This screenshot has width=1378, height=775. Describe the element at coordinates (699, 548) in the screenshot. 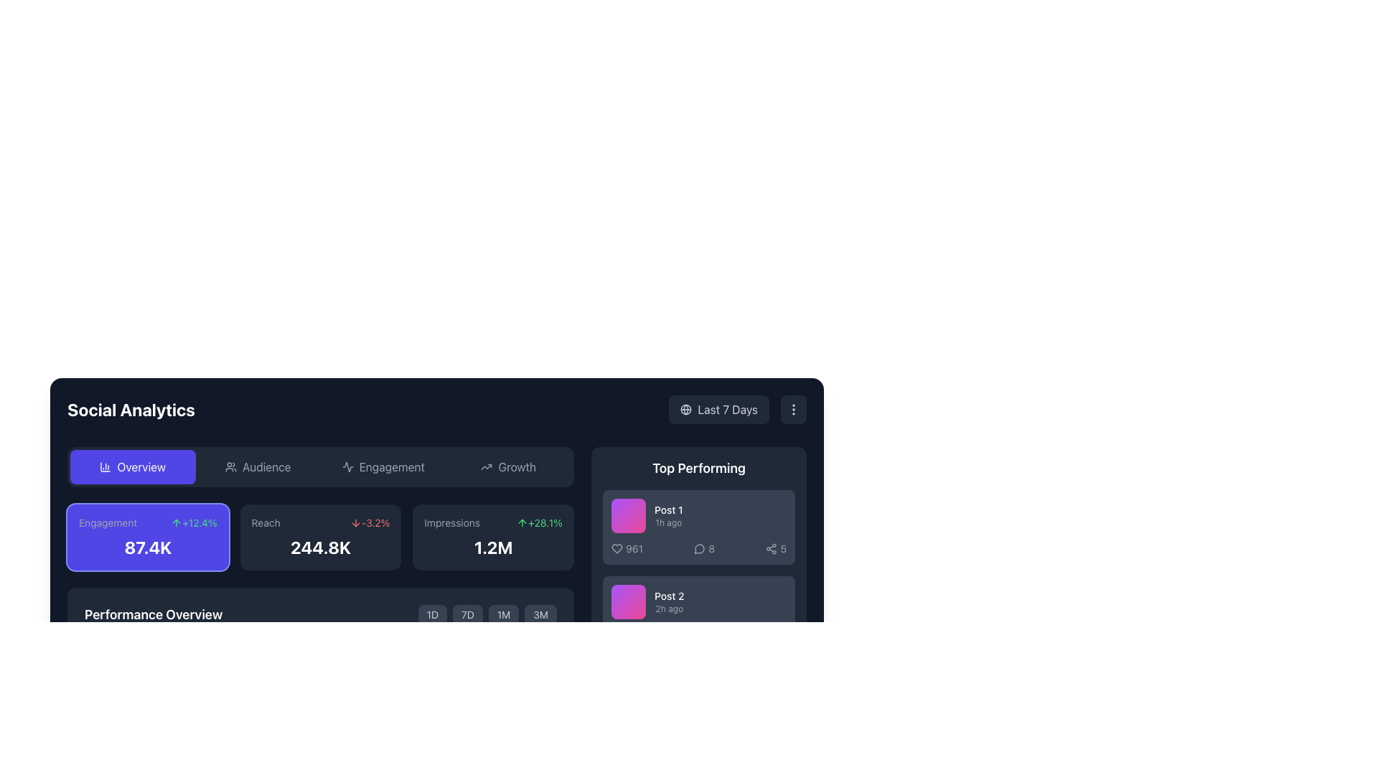

I see `the comment count text element, which displays the number of comments for the associated post under the 'Post 1' title in the 'Top Performing' section` at that location.